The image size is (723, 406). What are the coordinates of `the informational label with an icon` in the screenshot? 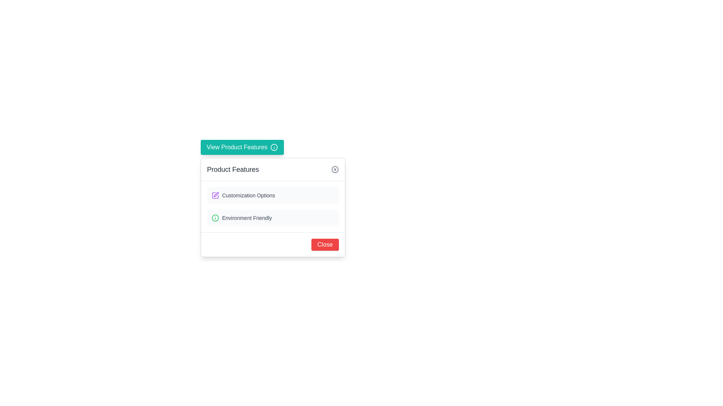 It's located at (272, 195).